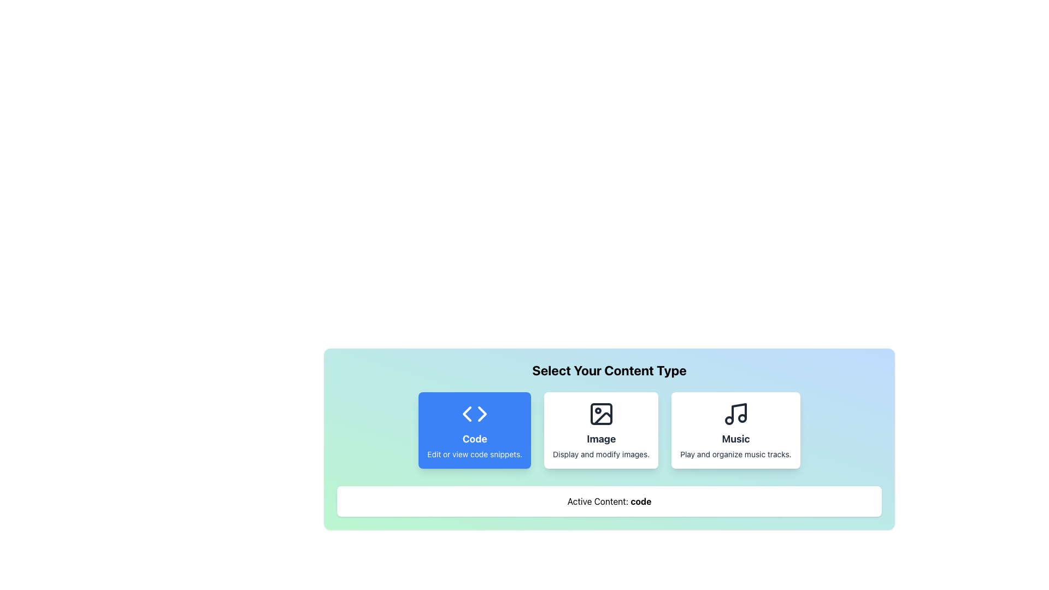  Describe the element at coordinates (729, 420) in the screenshot. I see `the leftmost decorative circle in the 'Music' card interface, which is located near the bottom-left corner and slightly overlaps the music note graphic` at that location.